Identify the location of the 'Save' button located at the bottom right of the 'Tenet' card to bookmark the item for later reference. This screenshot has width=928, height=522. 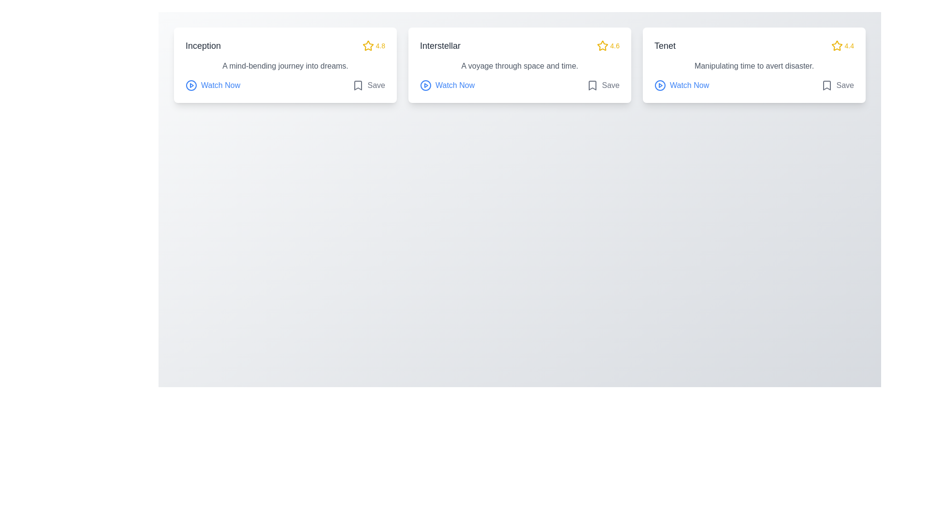
(837, 85).